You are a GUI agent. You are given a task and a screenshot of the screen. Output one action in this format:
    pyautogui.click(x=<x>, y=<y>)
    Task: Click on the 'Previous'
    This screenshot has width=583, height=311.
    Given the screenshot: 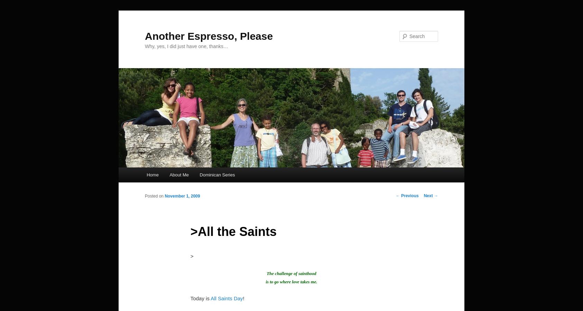 What is the action you would take?
    pyautogui.click(x=409, y=196)
    